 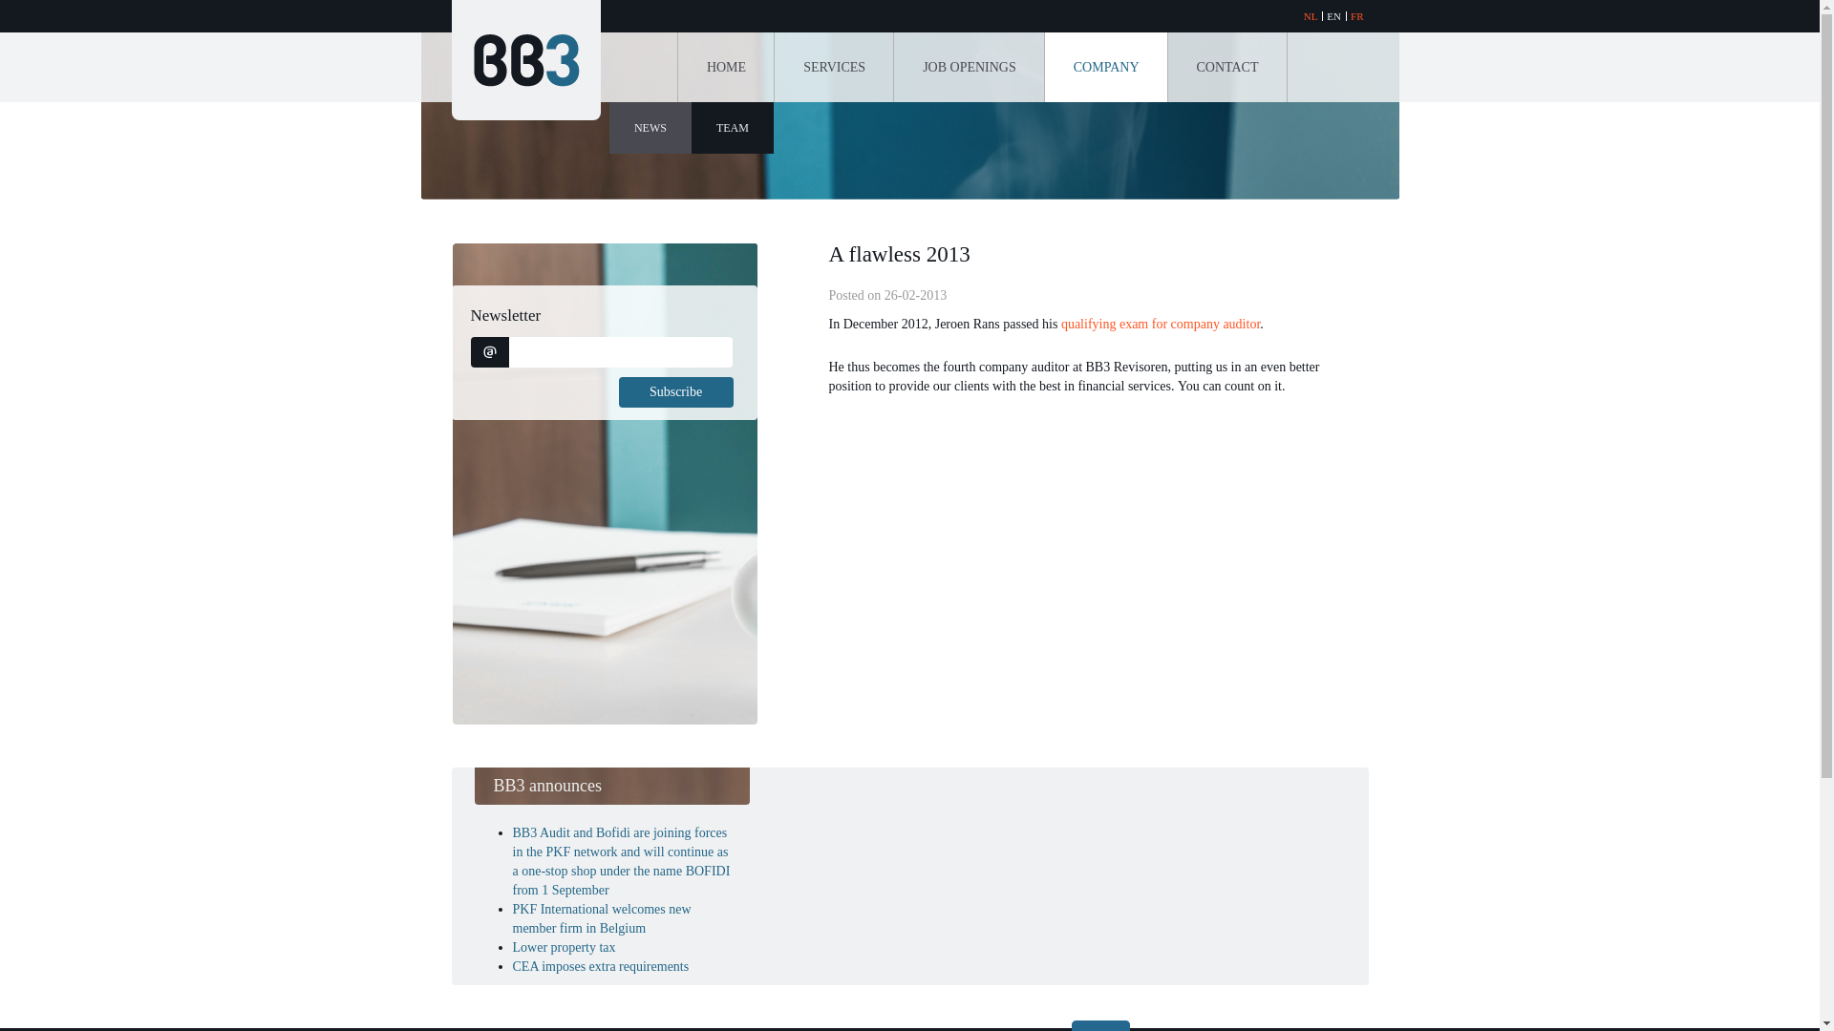 I want to click on 'FR', so click(x=1355, y=15).